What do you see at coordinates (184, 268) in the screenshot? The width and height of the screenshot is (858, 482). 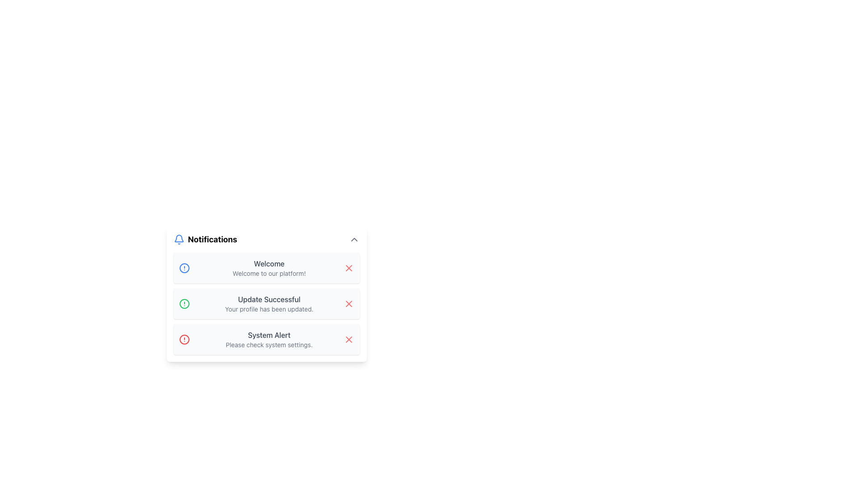 I see `the Notification Status Icon, which is a blue circular border enclosing a white interior, located next to the 'Welcome' notification text` at bounding box center [184, 268].